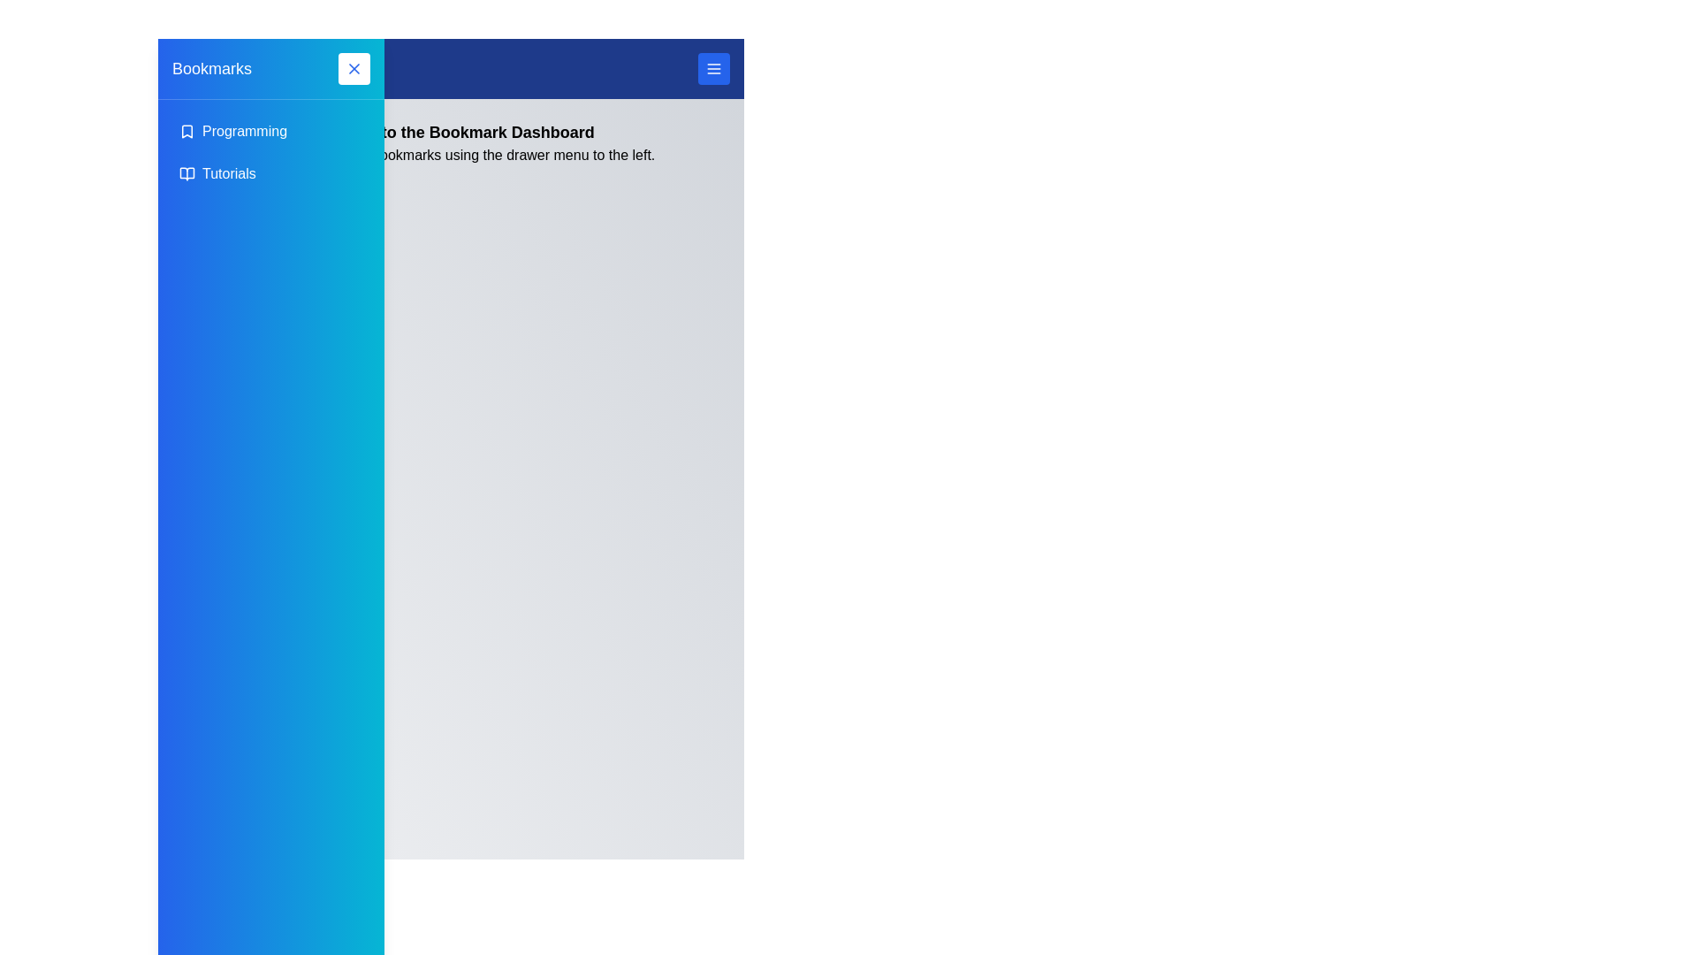 The width and height of the screenshot is (1697, 955). I want to click on the small diagonal cross symbol ('X') located at the upper-right corner of the sidebar, so click(354, 67).